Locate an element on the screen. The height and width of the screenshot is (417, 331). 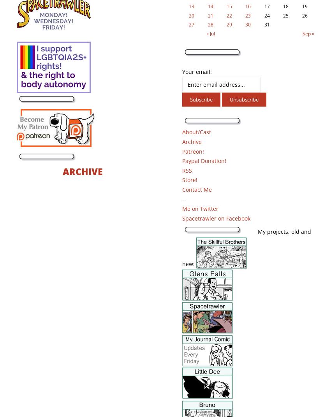
'18' is located at coordinates (283, 6).